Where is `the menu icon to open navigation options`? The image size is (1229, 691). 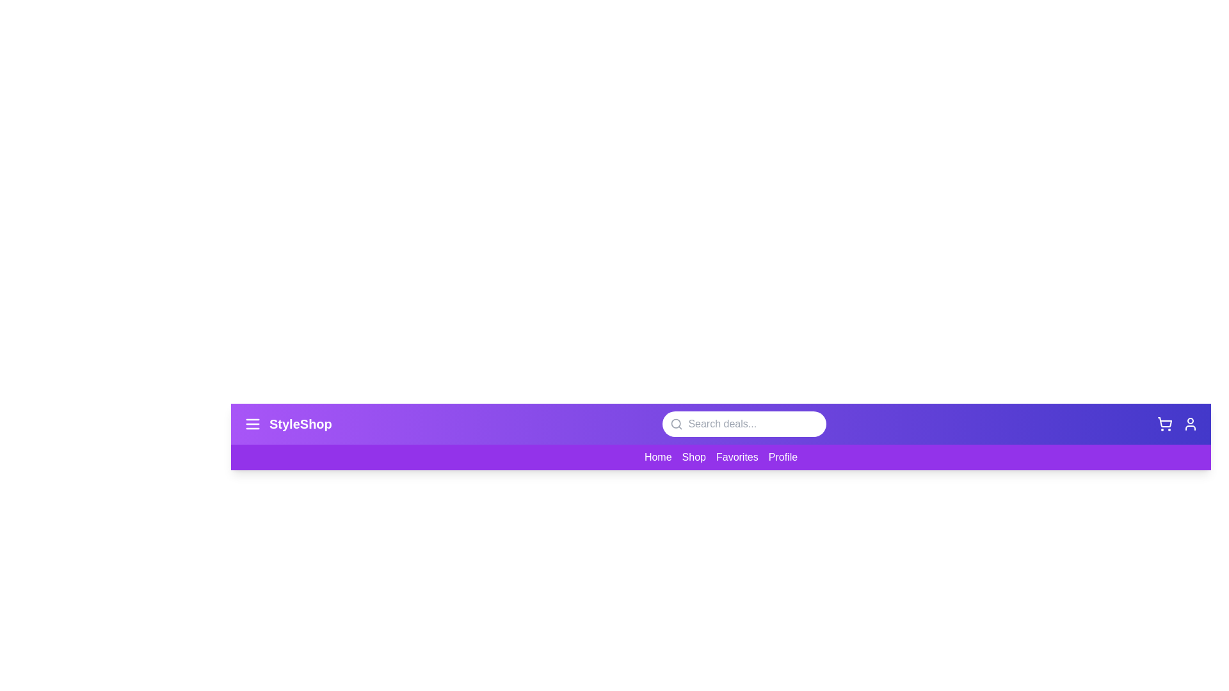
the menu icon to open navigation options is located at coordinates (252, 424).